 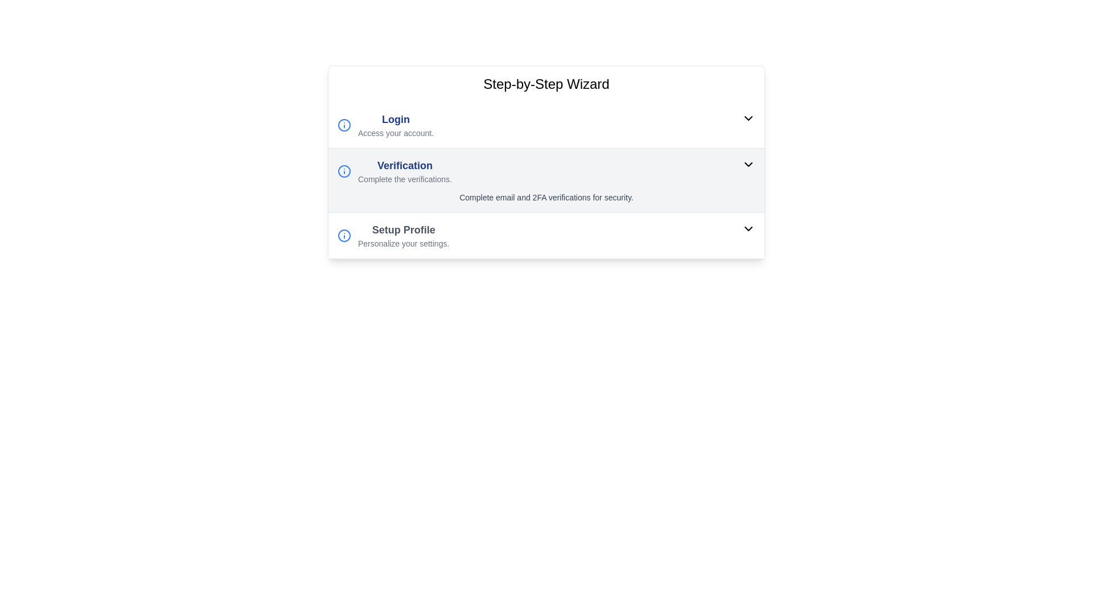 What do you see at coordinates (404, 235) in the screenshot?
I see `text from the 'Setup Profile' area, which includes the title 'Setup Profile' and subtitle 'Personalize your settings.' This text display area is the third item in the vertical list within the wizard interface` at bounding box center [404, 235].